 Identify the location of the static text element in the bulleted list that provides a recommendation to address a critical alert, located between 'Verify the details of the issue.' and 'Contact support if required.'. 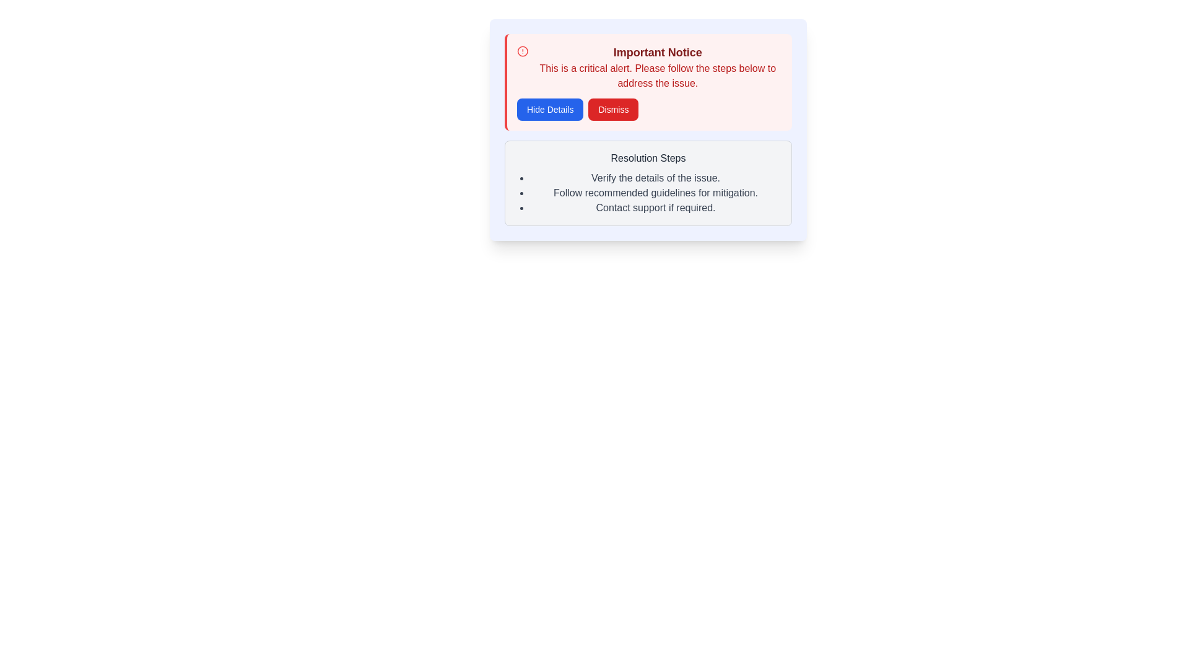
(655, 193).